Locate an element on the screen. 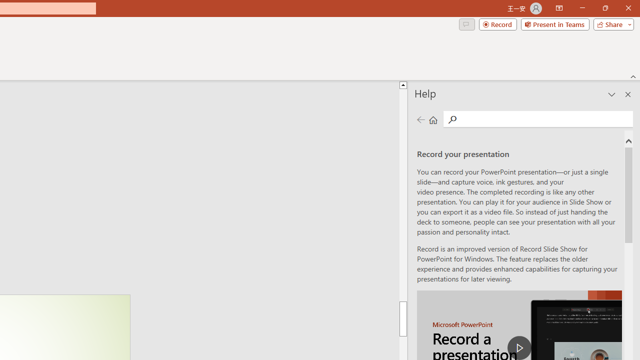  'Share' is located at coordinates (611, 23).